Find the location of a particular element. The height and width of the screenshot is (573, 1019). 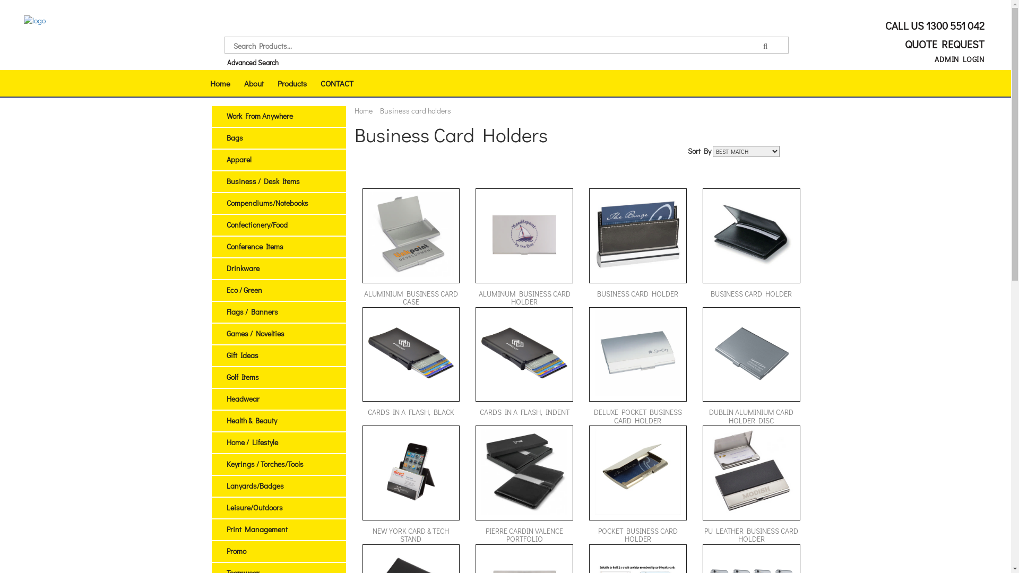

'Gift Ideas' is located at coordinates (241, 355).